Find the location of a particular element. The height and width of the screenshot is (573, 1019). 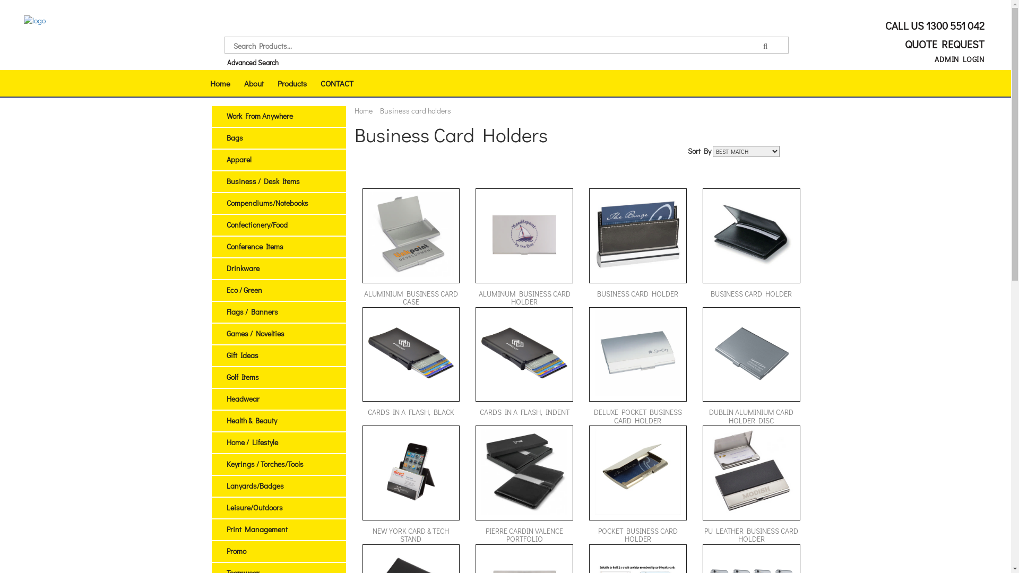

'Gift Ideas' is located at coordinates (241, 355).